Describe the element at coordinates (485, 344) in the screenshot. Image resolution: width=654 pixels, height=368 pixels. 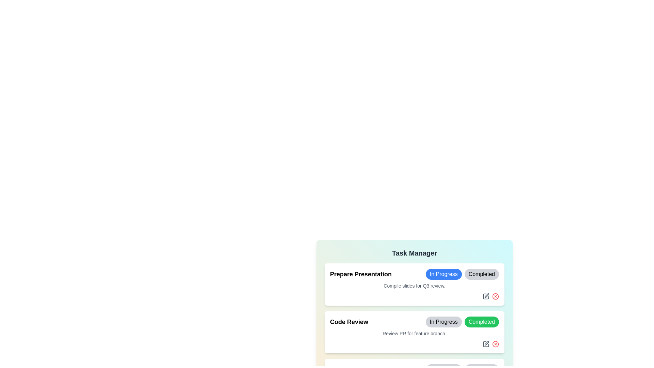
I see `the edit icon for the task titled 'Code Review'` at that location.